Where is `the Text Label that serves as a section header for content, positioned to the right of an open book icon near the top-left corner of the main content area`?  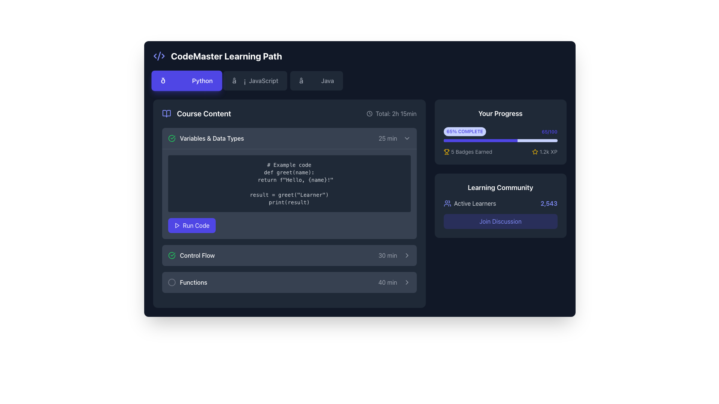
the Text Label that serves as a section header for content, positioned to the right of an open book icon near the top-left corner of the main content area is located at coordinates (204, 114).